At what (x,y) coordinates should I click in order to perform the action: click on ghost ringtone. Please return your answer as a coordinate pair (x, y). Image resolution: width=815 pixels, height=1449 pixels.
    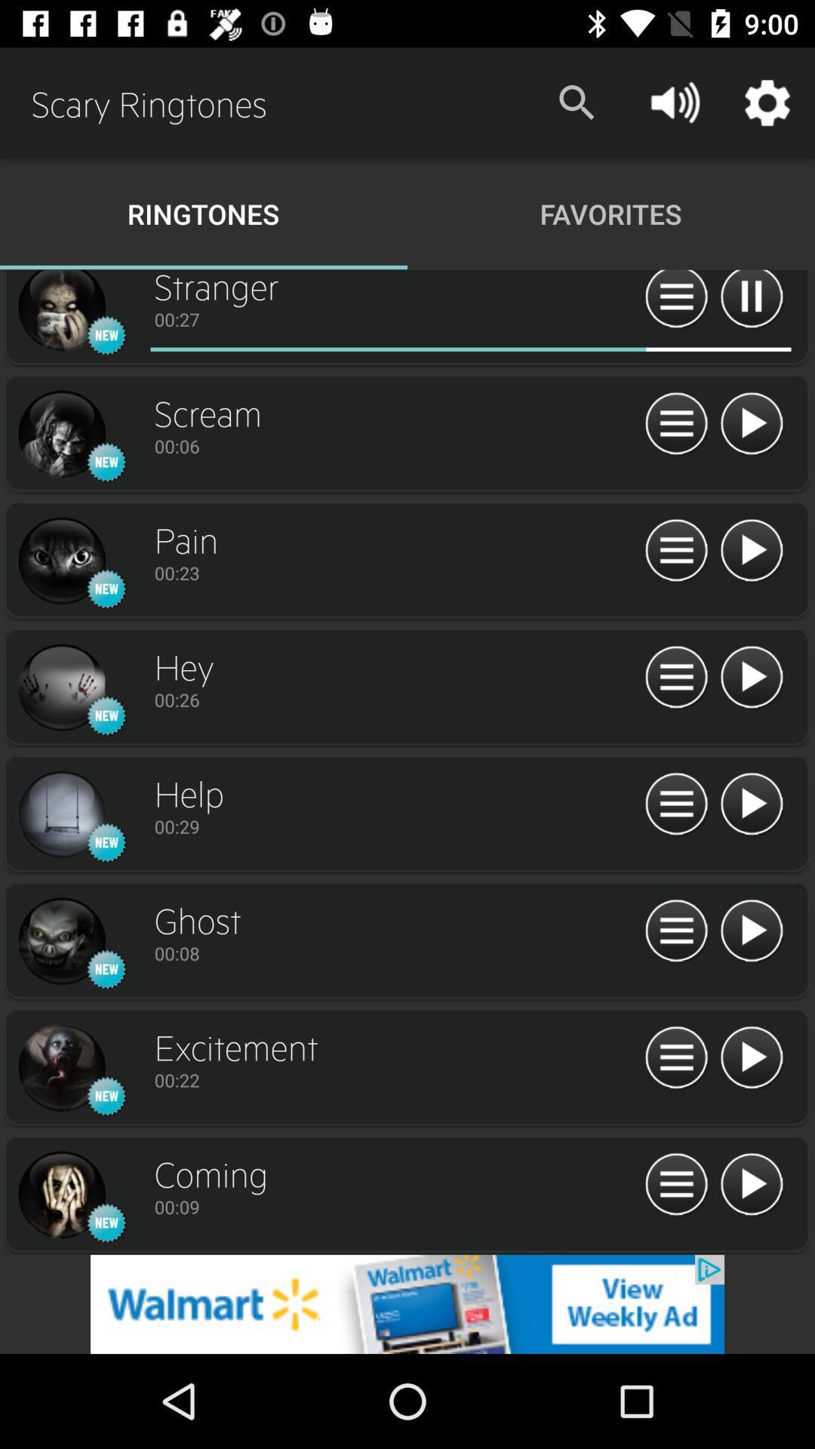
    Looking at the image, I should click on (751, 931).